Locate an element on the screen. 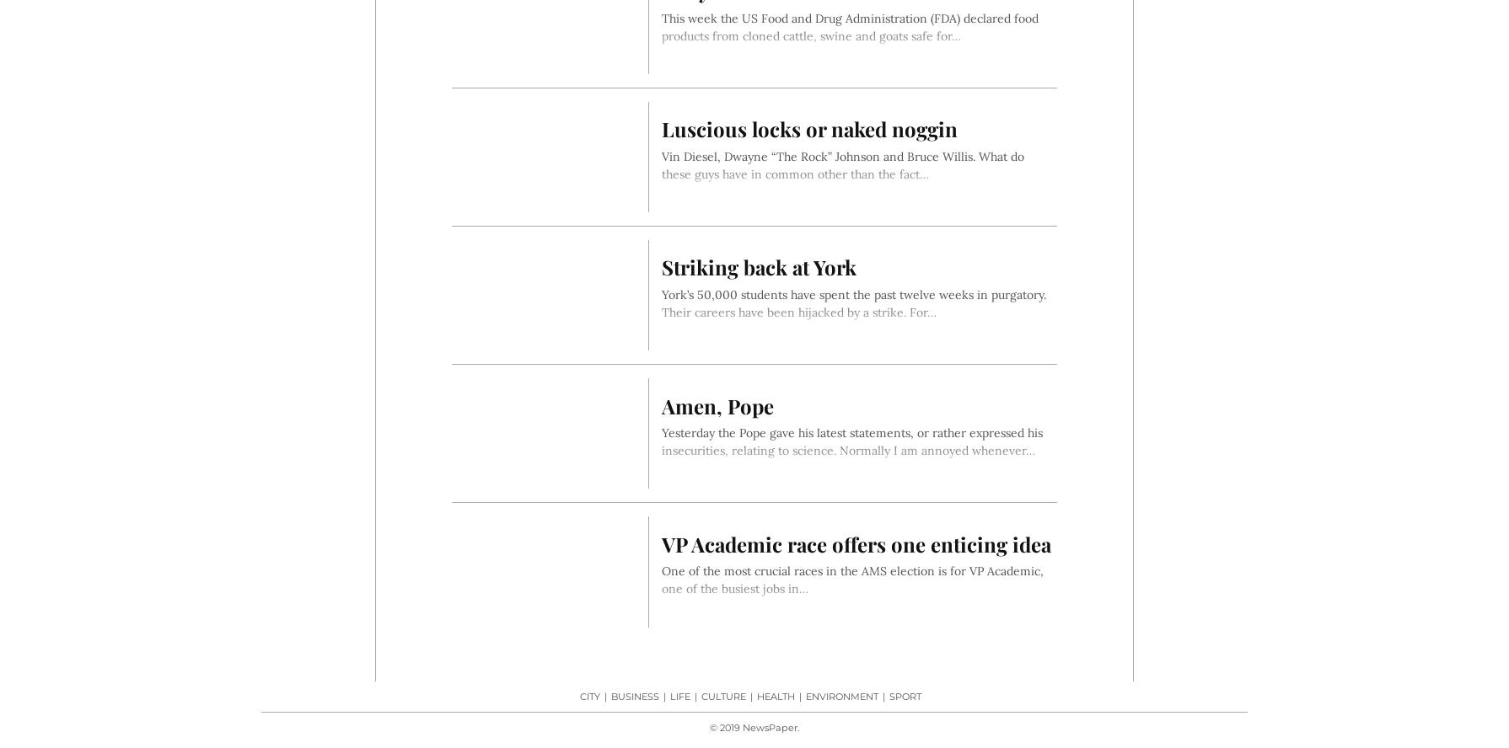  'York’s 50,000 students have spent the past twelve weeks in purgatory. Their careers have been hijacked by a strike. For…' is located at coordinates (660, 303).